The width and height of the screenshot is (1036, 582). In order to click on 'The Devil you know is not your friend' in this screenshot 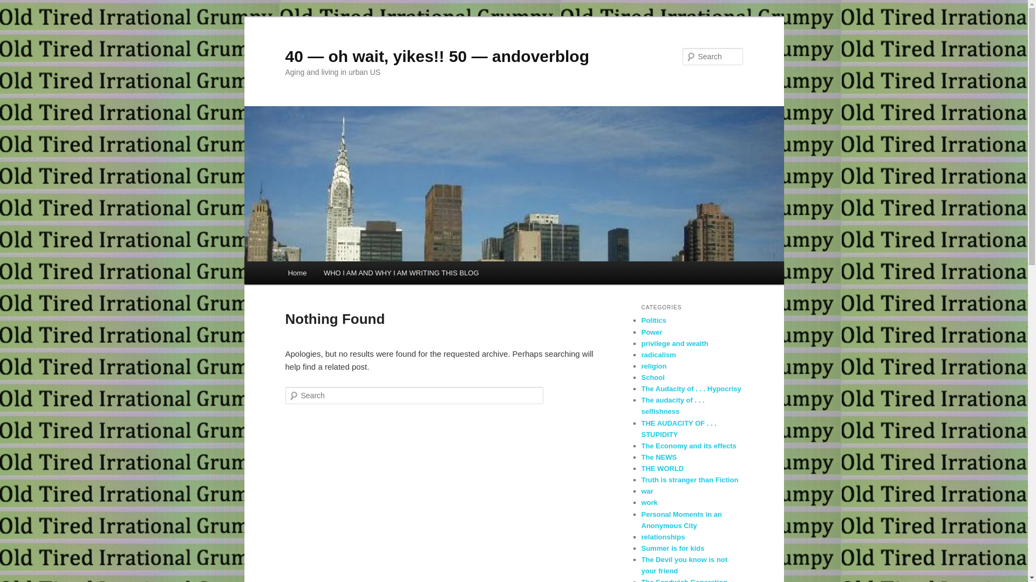, I will do `click(683, 565)`.